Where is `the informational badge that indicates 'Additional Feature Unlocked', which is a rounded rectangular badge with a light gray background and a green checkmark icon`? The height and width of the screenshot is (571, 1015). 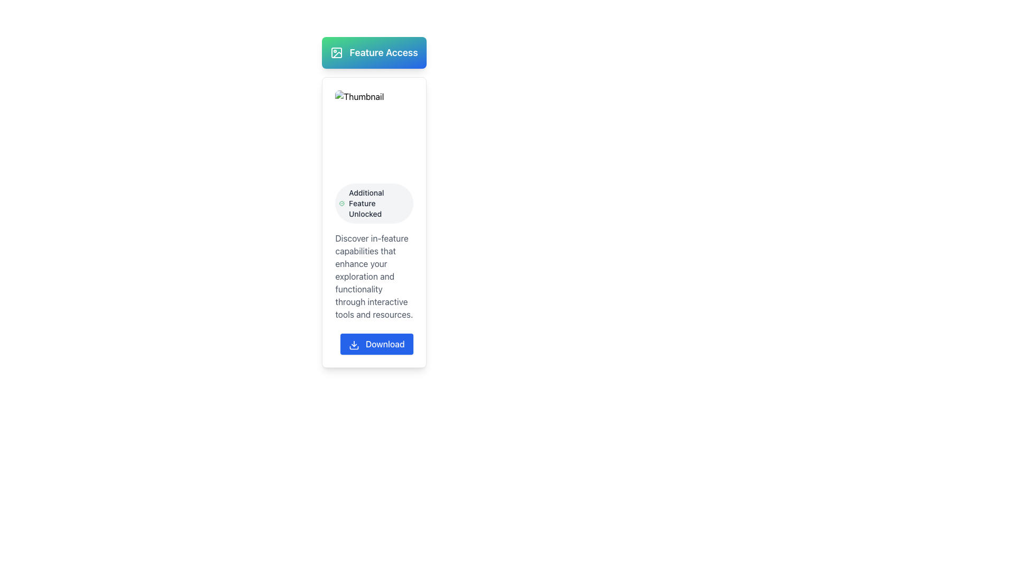 the informational badge that indicates 'Additional Feature Unlocked', which is a rounded rectangular badge with a light gray background and a green checkmark icon is located at coordinates (374, 204).